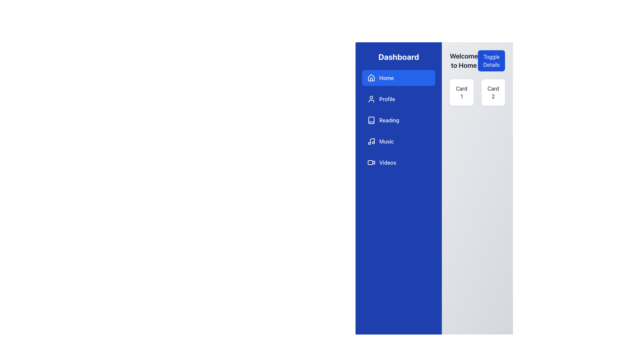 This screenshot has height=357, width=635. I want to click on the fourth button in the vertical navigation menu on the left side, which links to music content or features, so click(398, 141).